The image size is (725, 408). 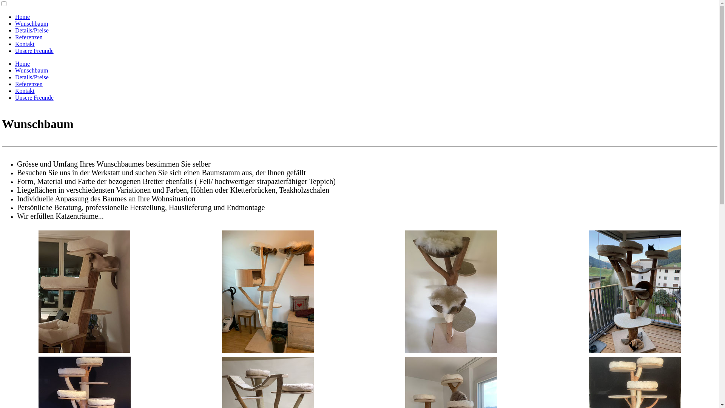 I want to click on 'Unsere Freunde', so click(x=15, y=97).